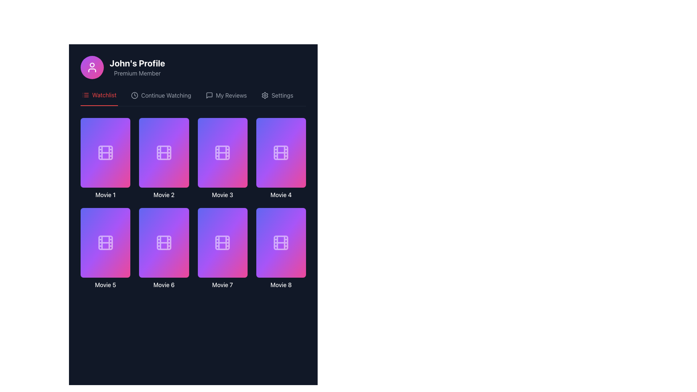  What do you see at coordinates (277, 98) in the screenshot?
I see `the 'Settings' navigation link, which includes a gear icon` at bounding box center [277, 98].